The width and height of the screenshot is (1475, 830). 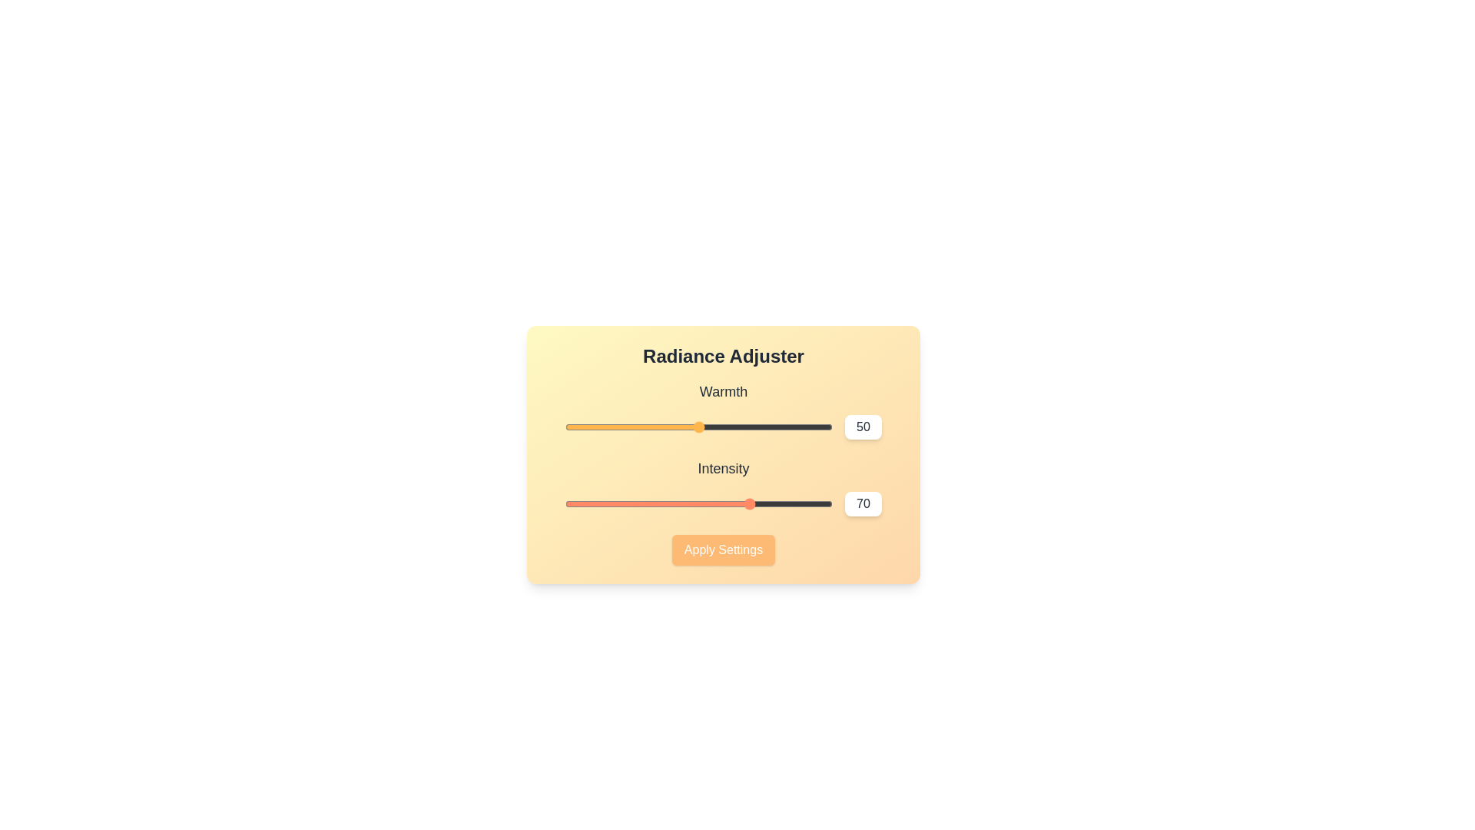 What do you see at coordinates (570, 427) in the screenshot?
I see `the 'Warmth' slider to 2` at bounding box center [570, 427].